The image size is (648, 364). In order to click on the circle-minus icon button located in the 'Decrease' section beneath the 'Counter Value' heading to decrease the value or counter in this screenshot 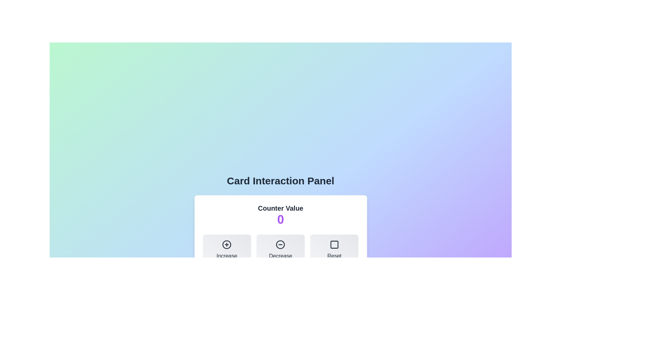, I will do `click(280, 244)`.